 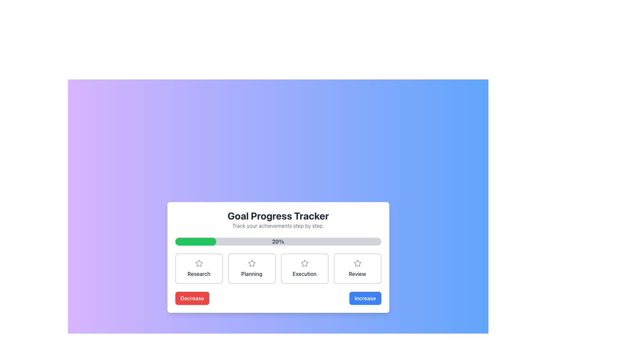 What do you see at coordinates (357, 268) in the screenshot?
I see `the card-style informational component labeled 'Review', which features a gray star icon and is located in the fourth column of a four-column grid layout` at bounding box center [357, 268].